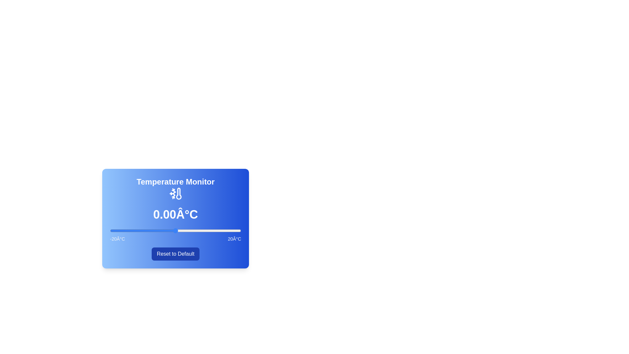 The image size is (629, 354). Describe the element at coordinates (218, 230) in the screenshot. I see `the temperature slider to 13 degrees Celsius` at that location.